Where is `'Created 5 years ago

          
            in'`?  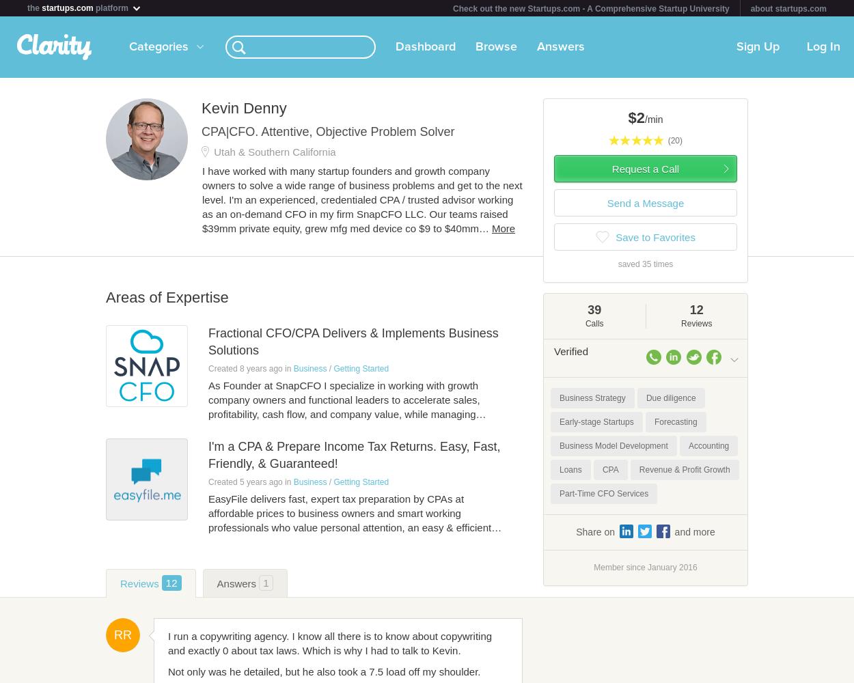
'Created 5 years ago

          
            in' is located at coordinates (208, 482).